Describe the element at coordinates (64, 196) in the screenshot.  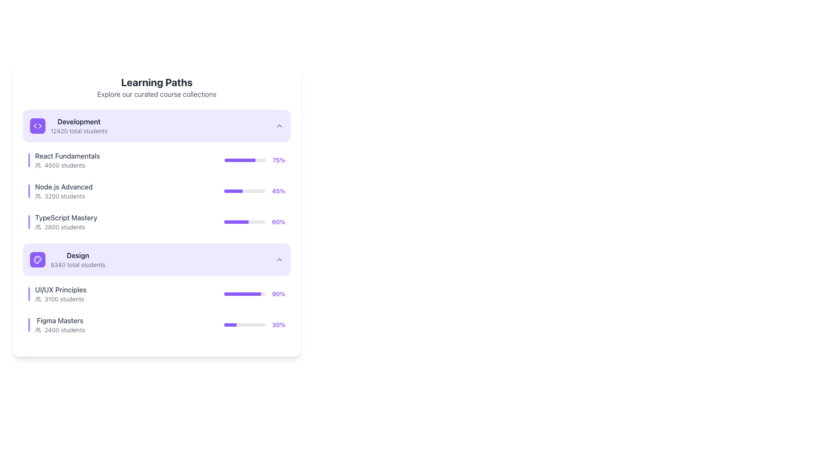
I see `text that provides information about the number of students enrolled in the 'Node.js Advanced' course, located beside the user icon in the Learning Paths interface` at that location.